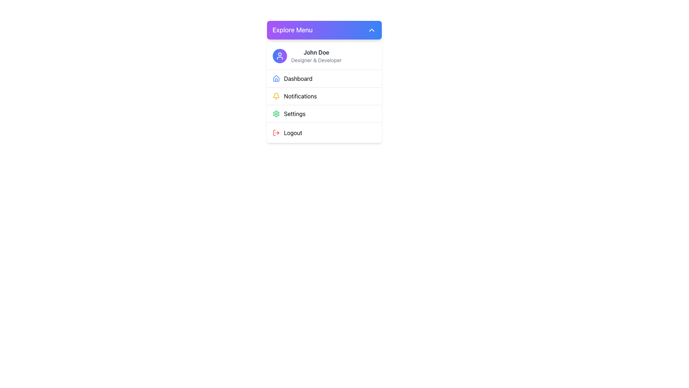  I want to click on the Text block representing the currently logged-in user's name and role, located centrally in the sidebar under the 'Explore Menu' header, so click(316, 55).